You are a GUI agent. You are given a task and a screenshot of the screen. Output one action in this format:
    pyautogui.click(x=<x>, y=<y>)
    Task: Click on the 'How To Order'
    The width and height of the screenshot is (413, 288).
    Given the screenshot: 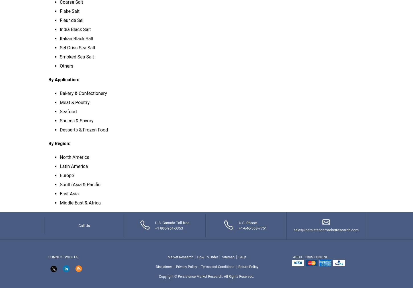 What is the action you would take?
    pyautogui.click(x=207, y=257)
    